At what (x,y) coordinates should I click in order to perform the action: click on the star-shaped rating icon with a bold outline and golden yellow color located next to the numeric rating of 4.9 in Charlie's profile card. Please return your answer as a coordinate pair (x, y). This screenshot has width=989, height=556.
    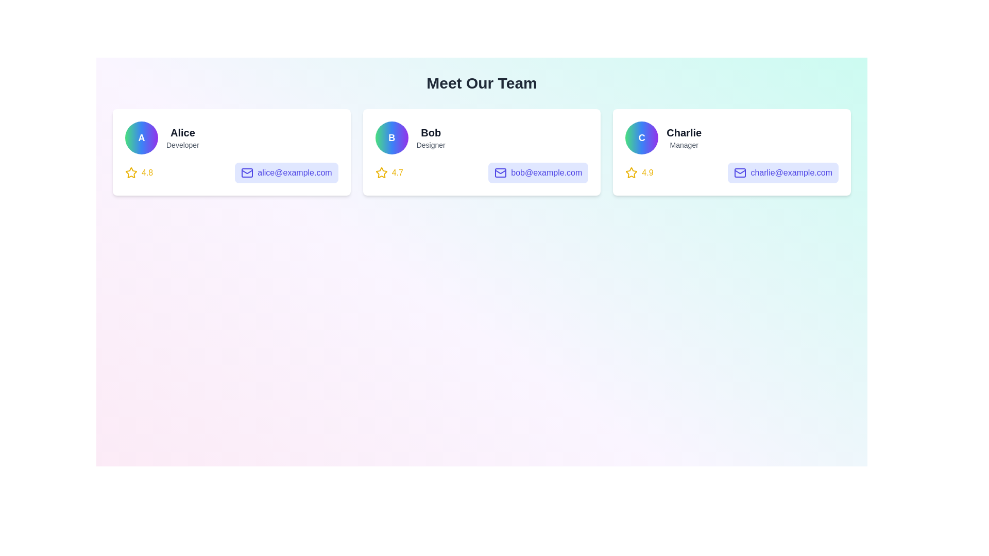
    Looking at the image, I should click on (631, 172).